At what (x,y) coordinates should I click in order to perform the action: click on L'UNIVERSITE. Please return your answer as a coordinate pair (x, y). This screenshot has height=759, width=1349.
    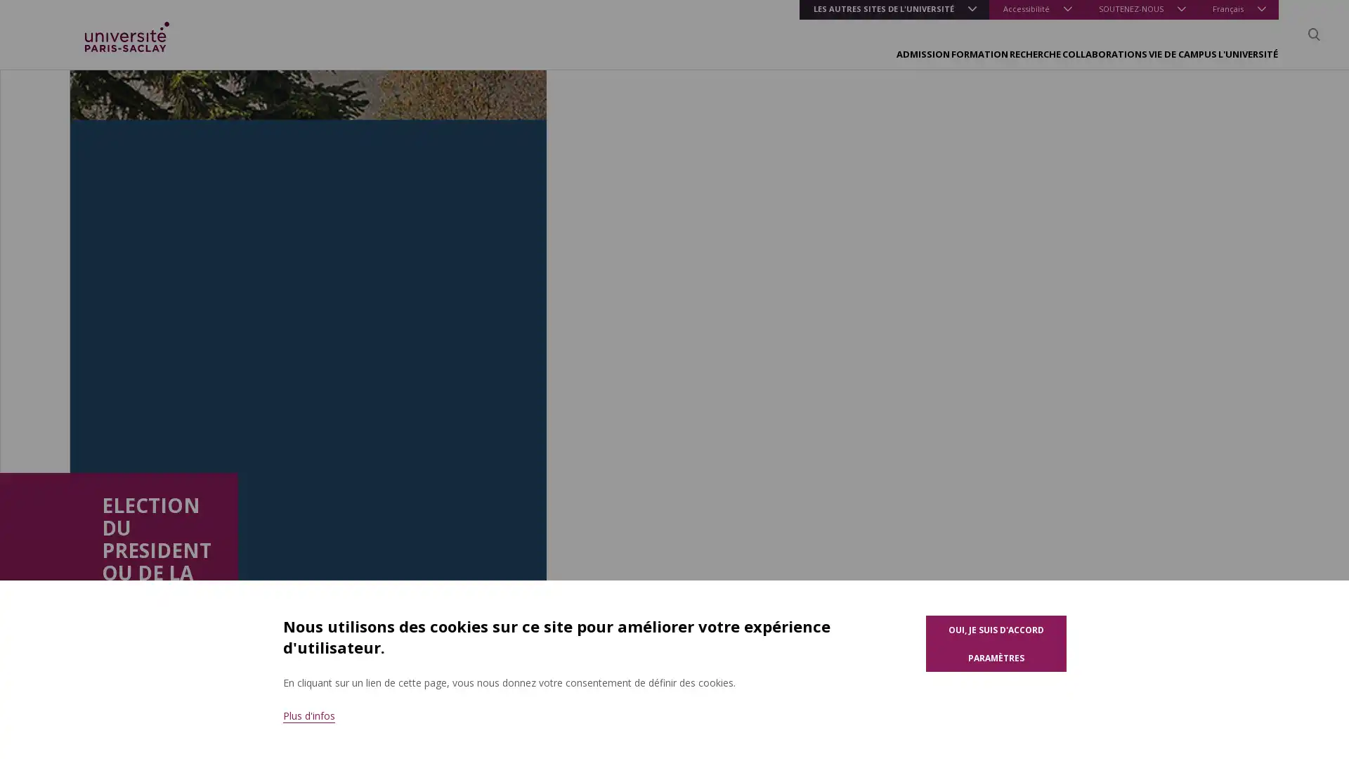
    Looking at the image, I should click on (1227, 48).